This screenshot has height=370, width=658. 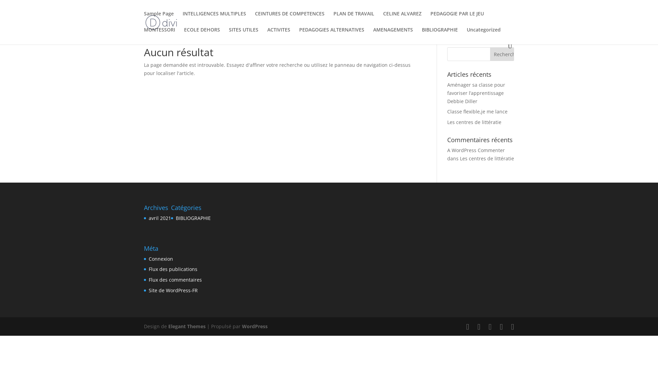 I want to click on 'PLAN DE TRAVAIL', so click(x=354, y=19).